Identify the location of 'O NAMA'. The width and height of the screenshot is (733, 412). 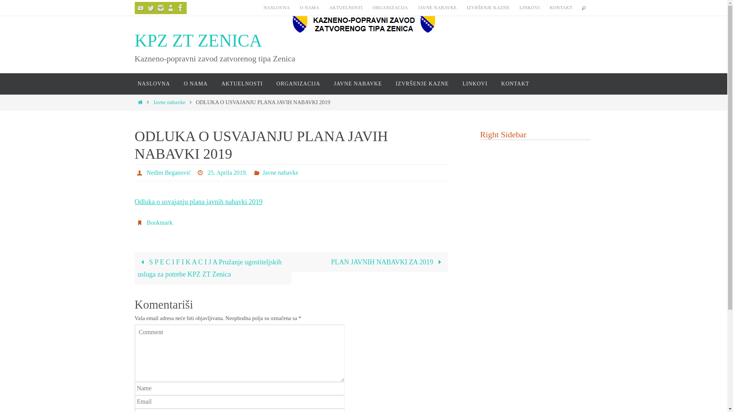
(309, 7).